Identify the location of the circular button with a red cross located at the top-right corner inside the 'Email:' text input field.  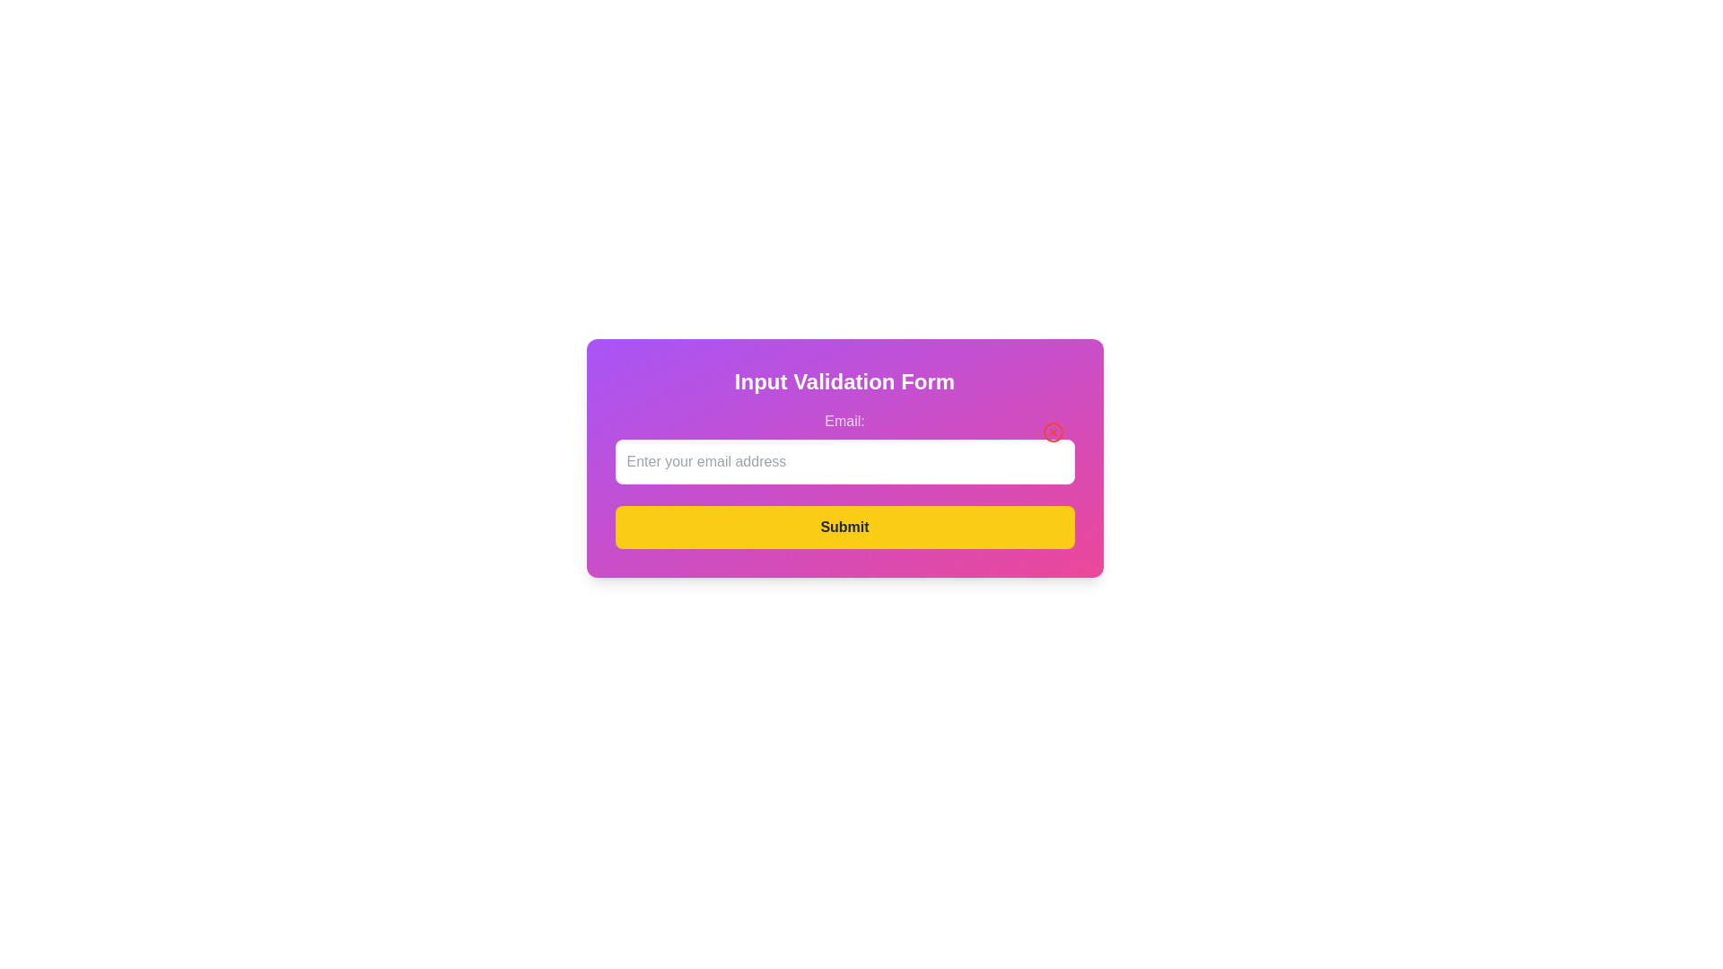
(1053, 432).